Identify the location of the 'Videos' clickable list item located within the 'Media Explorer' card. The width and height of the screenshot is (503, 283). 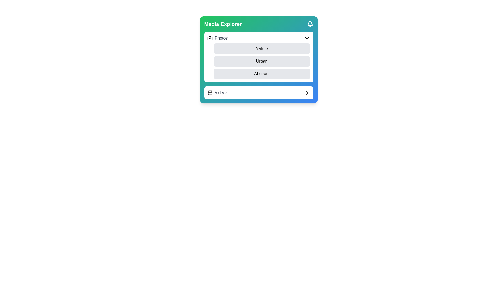
(217, 92).